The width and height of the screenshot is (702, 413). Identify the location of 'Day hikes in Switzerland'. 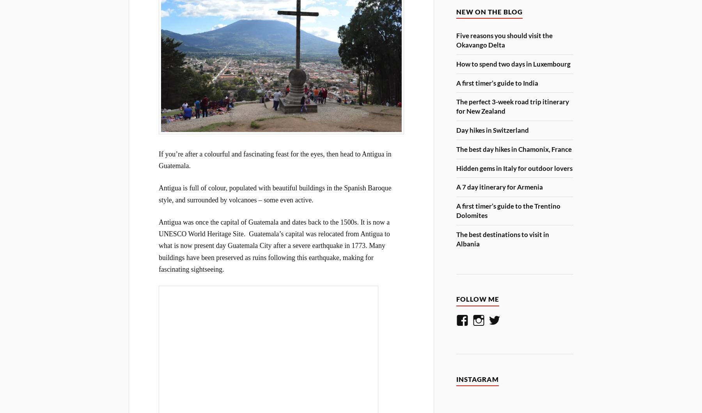
(493, 129).